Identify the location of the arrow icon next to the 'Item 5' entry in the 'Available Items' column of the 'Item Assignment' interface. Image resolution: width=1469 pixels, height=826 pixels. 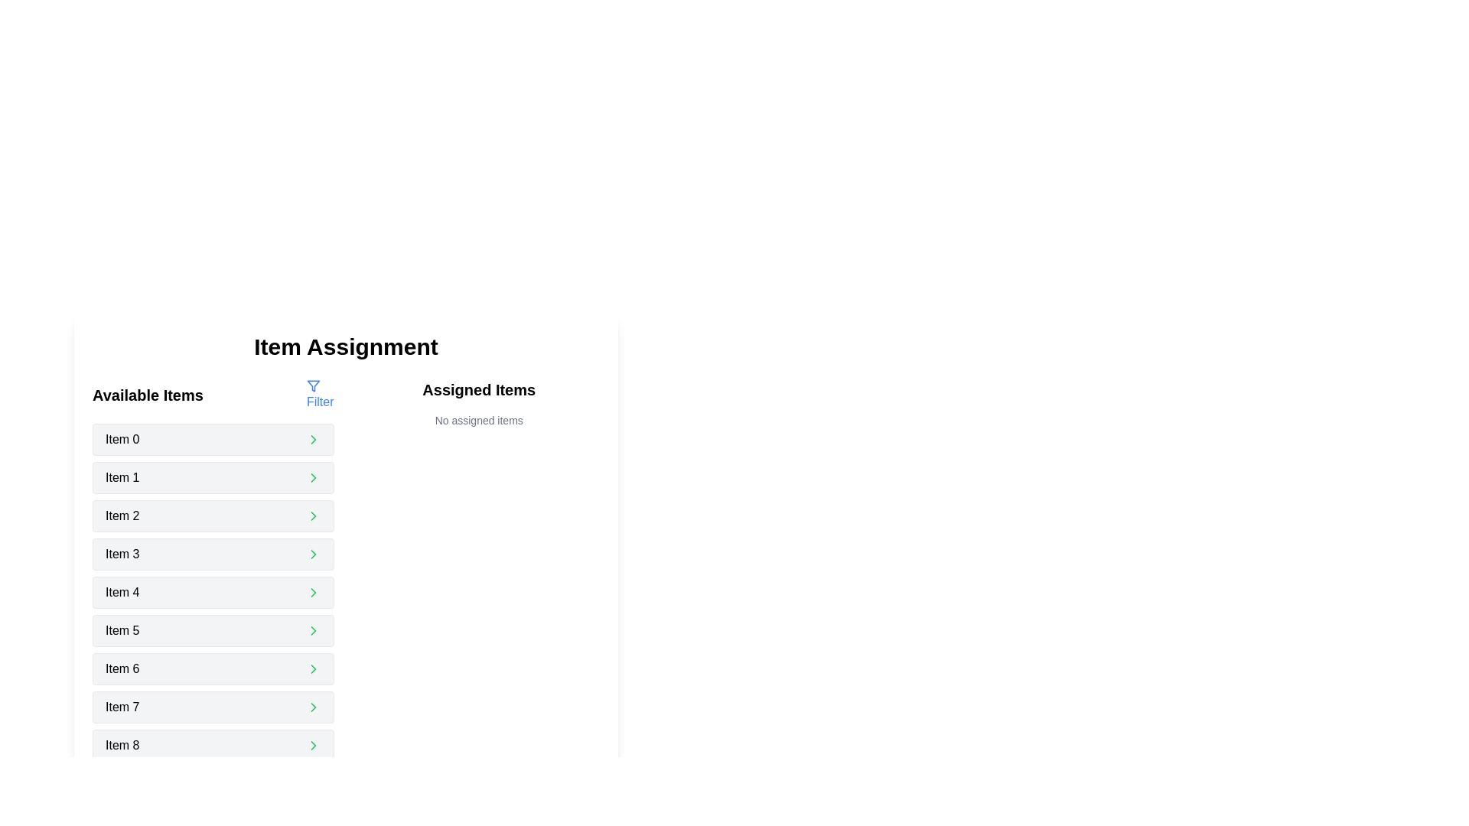
(312, 631).